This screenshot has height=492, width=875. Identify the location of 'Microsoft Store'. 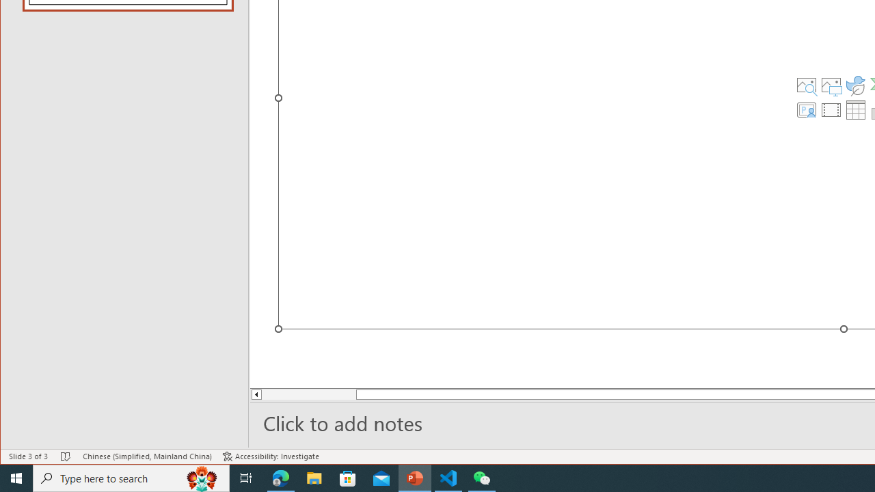
(348, 477).